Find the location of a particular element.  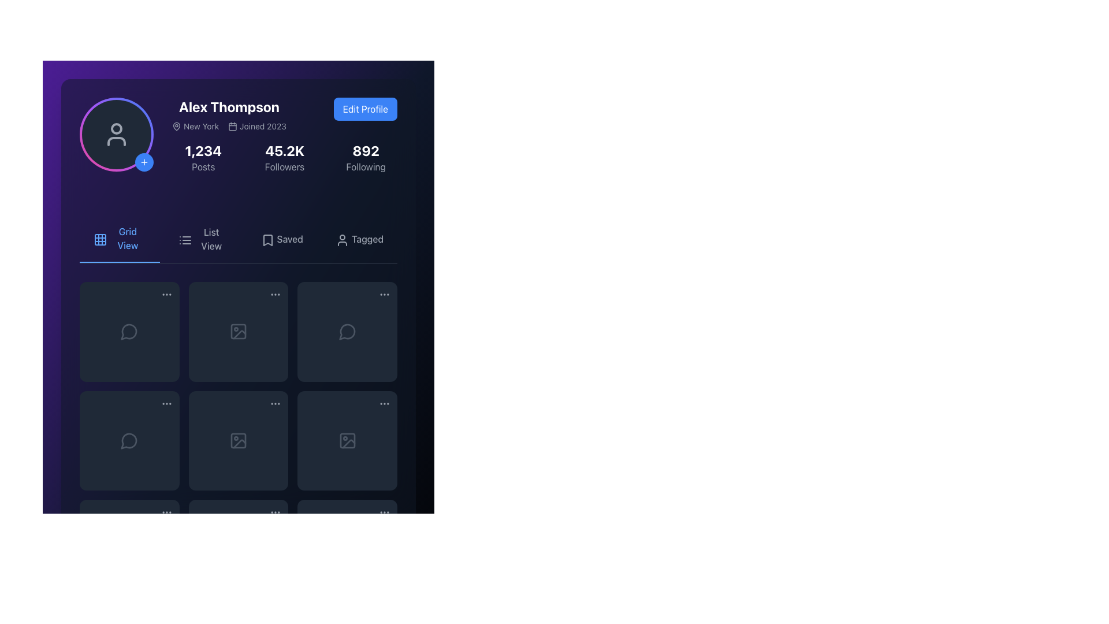

the Menu trigger icon (horizontal ellipsis) located at the top-right corner of the first square tile in the grid layout is located at coordinates (166, 294).